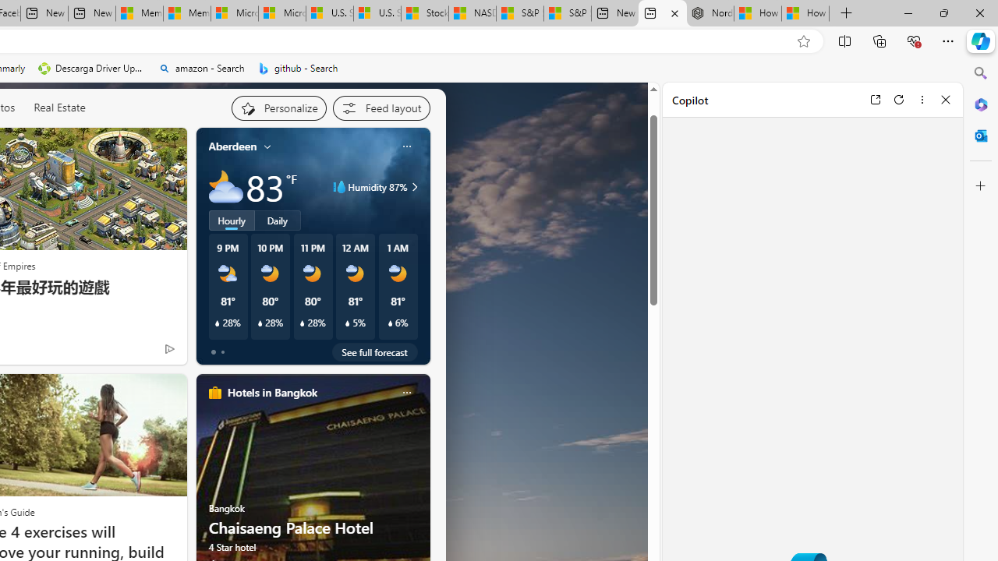  What do you see at coordinates (59, 106) in the screenshot?
I see `'Real Estate'` at bounding box center [59, 106].